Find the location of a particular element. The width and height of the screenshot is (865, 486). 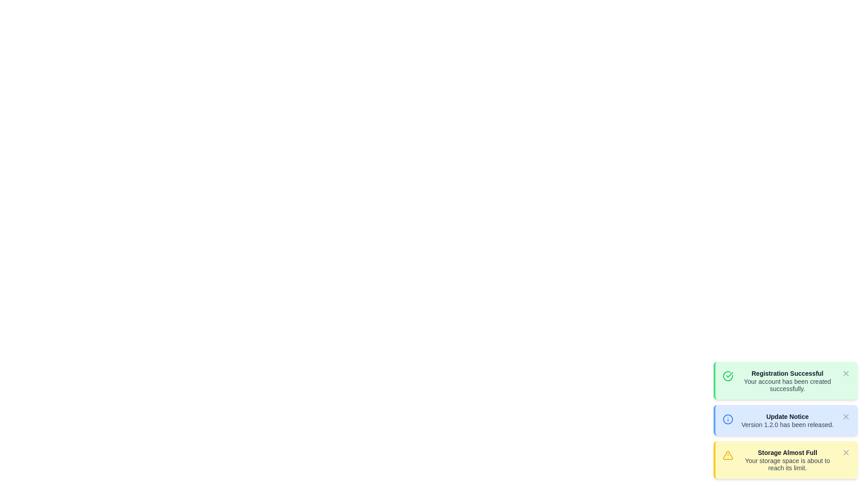

detailed warning message text located directly below the 'Storage Almost Full' text in the warning message box at the bottom of the stack of three boxes is located at coordinates (787, 464).